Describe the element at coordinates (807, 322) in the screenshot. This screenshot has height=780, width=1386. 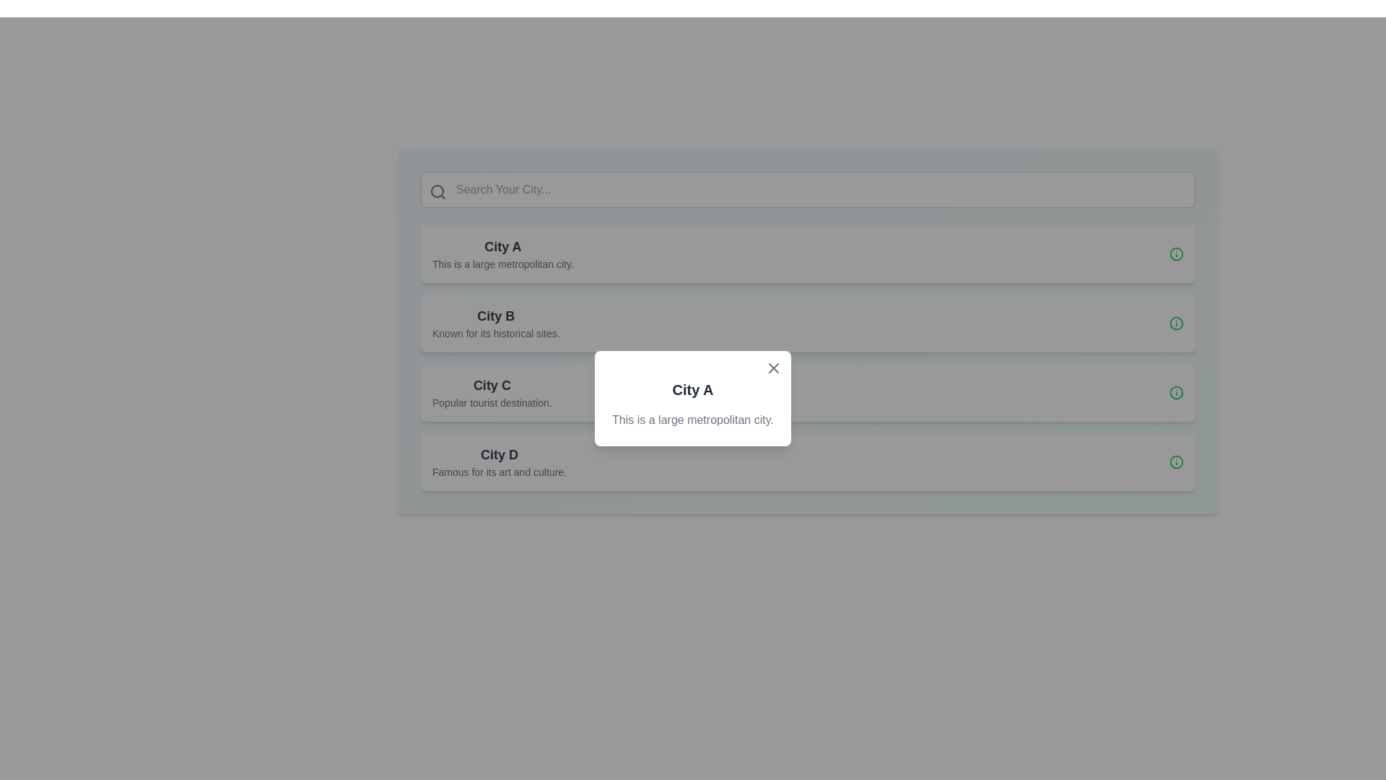
I see `the display card for 'City B', which provides information about its historical sites and is the second card in the list` at that location.